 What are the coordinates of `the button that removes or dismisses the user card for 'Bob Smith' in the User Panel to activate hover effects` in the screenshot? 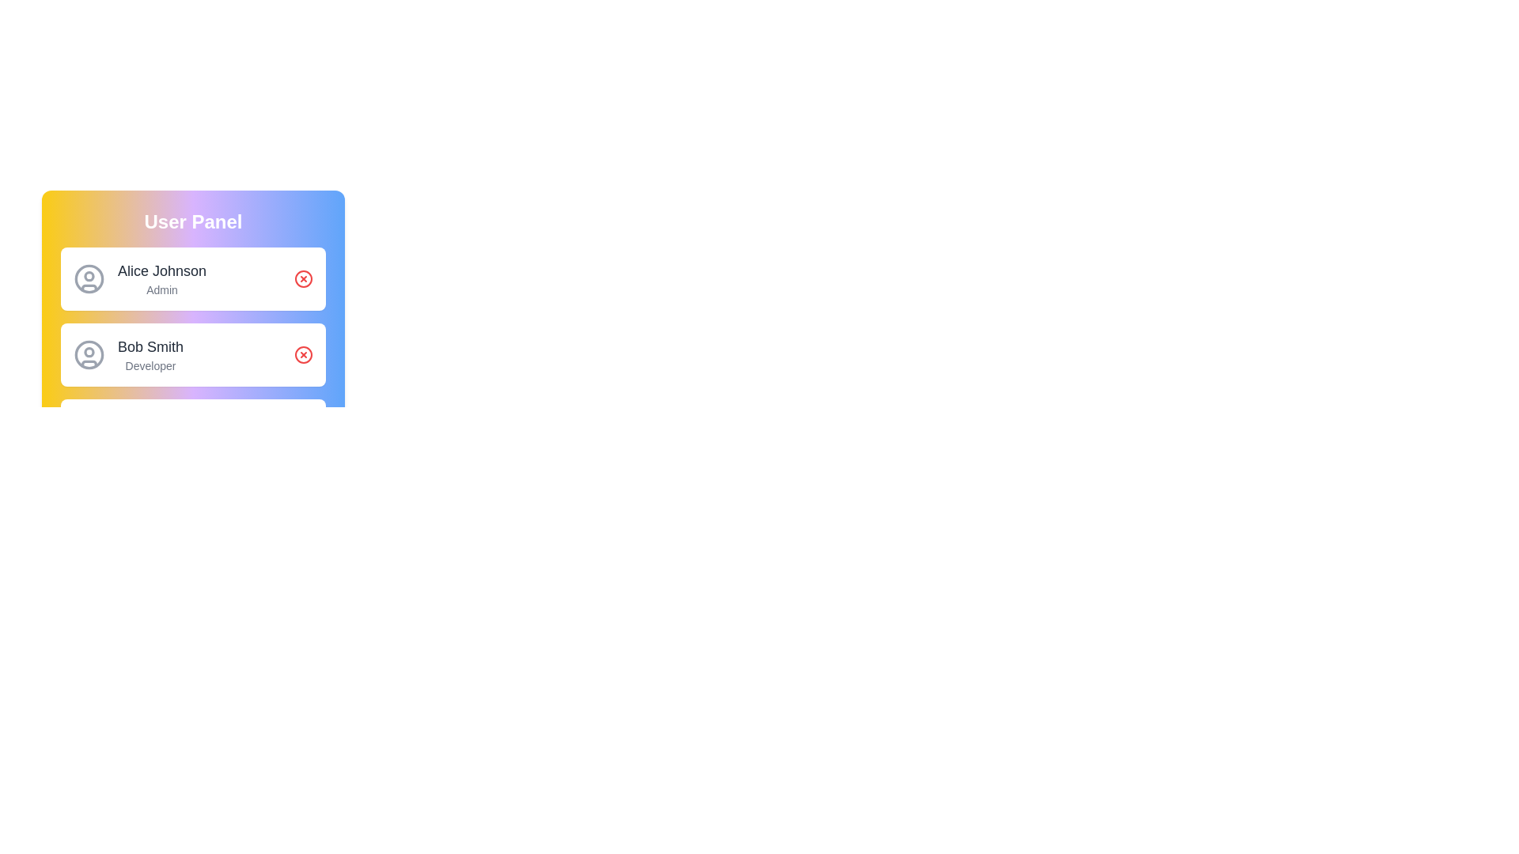 It's located at (304, 353).